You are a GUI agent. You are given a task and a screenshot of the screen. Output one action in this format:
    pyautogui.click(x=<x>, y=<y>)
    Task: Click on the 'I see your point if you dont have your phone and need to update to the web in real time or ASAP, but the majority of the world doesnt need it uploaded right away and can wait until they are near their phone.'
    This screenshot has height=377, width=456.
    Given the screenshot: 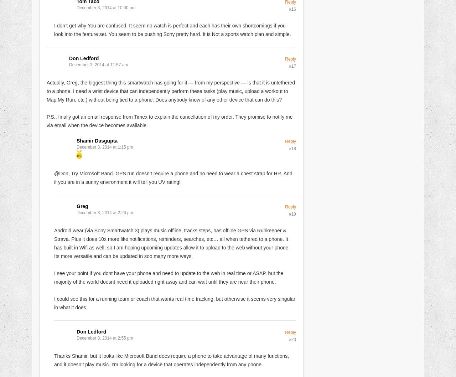 What is the action you would take?
    pyautogui.click(x=168, y=277)
    